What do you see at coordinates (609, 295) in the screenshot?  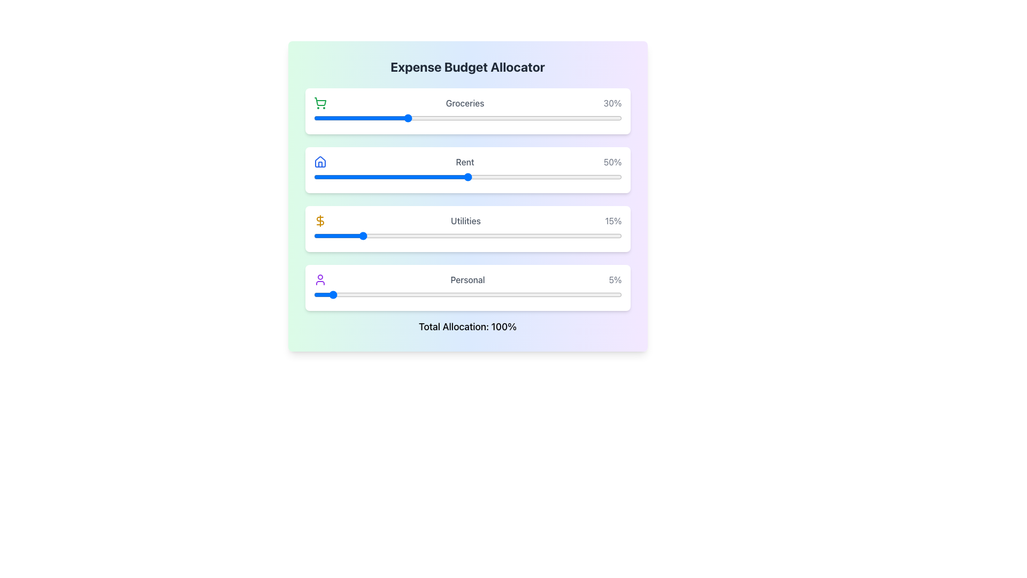 I see `Personal expense allocation` at bounding box center [609, 295].